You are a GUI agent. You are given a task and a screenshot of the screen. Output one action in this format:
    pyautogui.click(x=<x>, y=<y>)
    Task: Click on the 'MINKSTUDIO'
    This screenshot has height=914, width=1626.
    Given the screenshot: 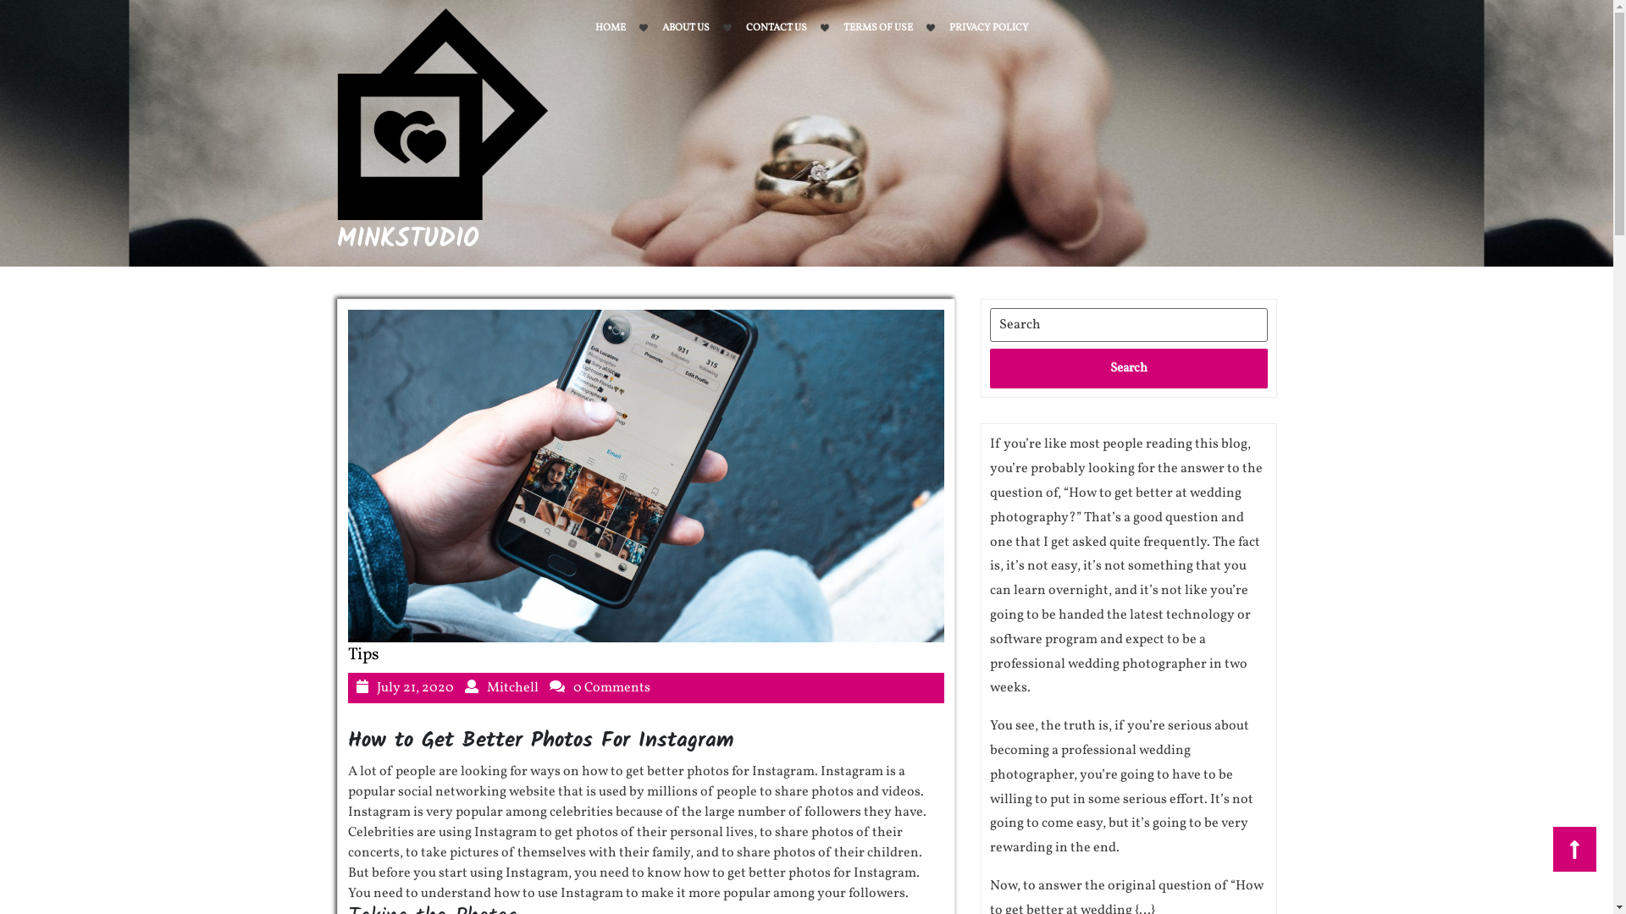 What is the action you would take?
    pyautogui.click(x=407, y=239)
    